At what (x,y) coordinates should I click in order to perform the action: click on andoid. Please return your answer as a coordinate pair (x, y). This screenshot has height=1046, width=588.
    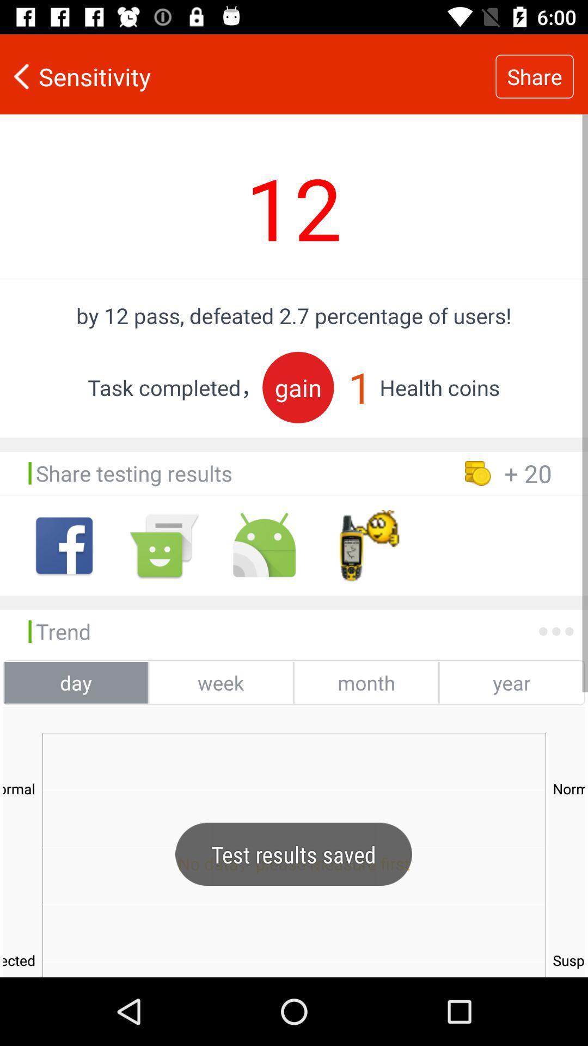
    Looking at the image, I should click on (164, 545).